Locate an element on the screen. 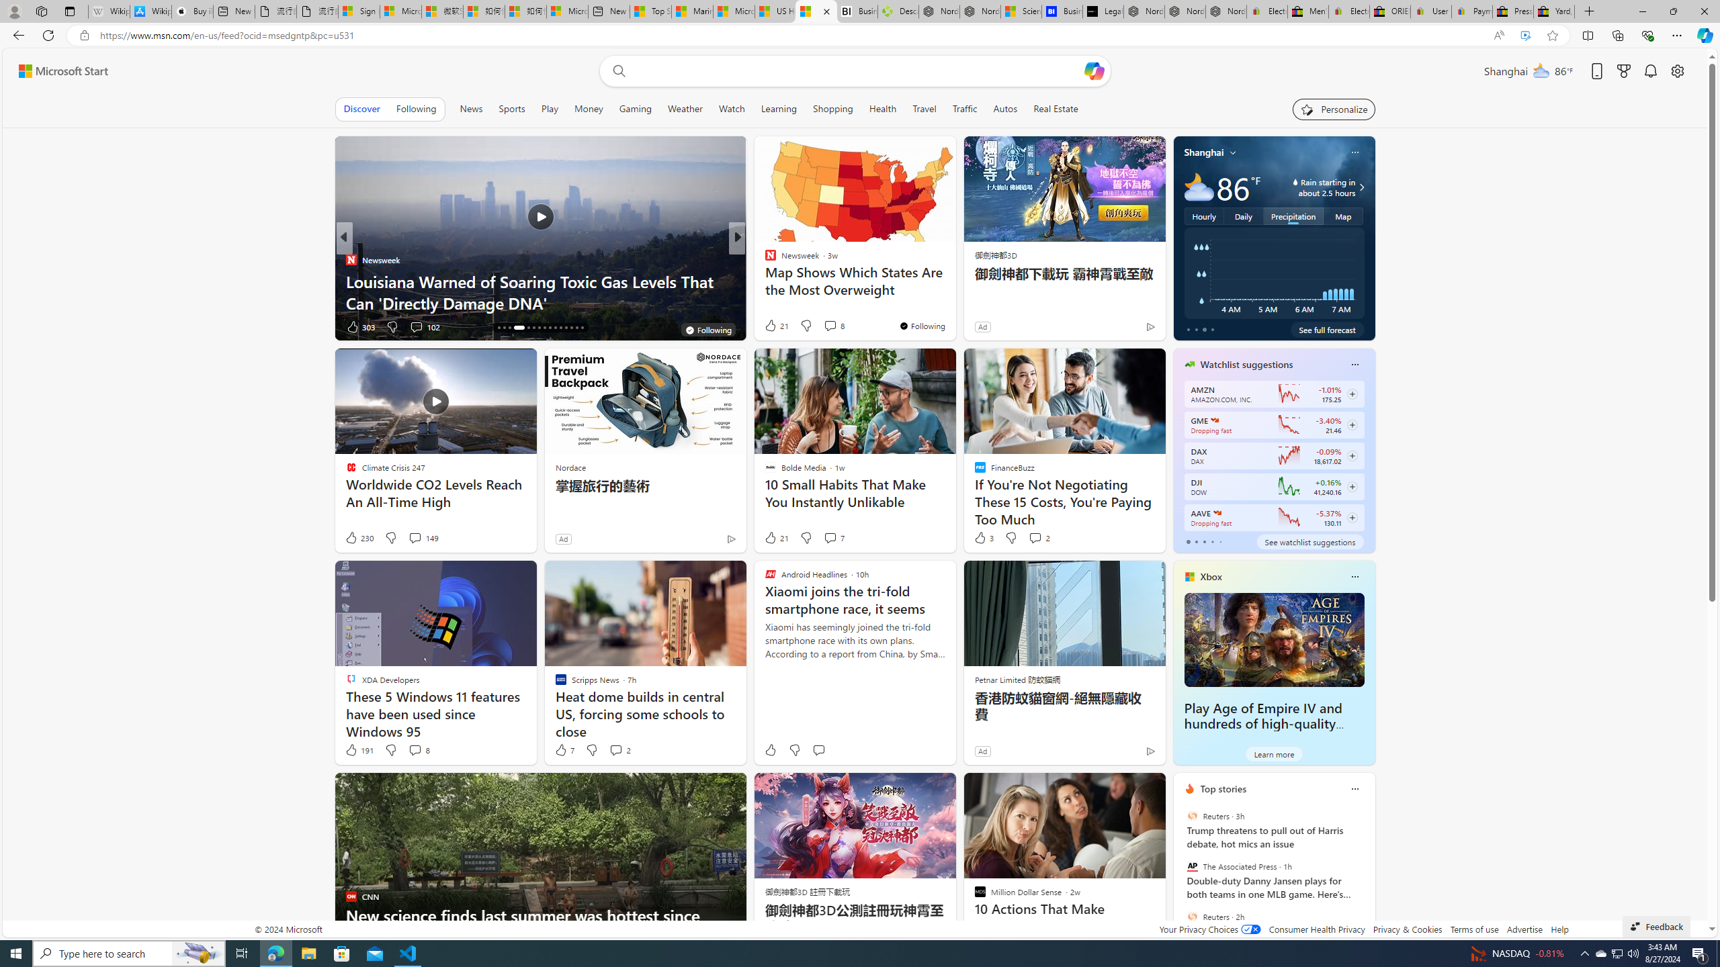 Image resolution: width=1720 pixels, height=967 pixels. 'View comments 157 Comment' is located at coordinates (830, 326).